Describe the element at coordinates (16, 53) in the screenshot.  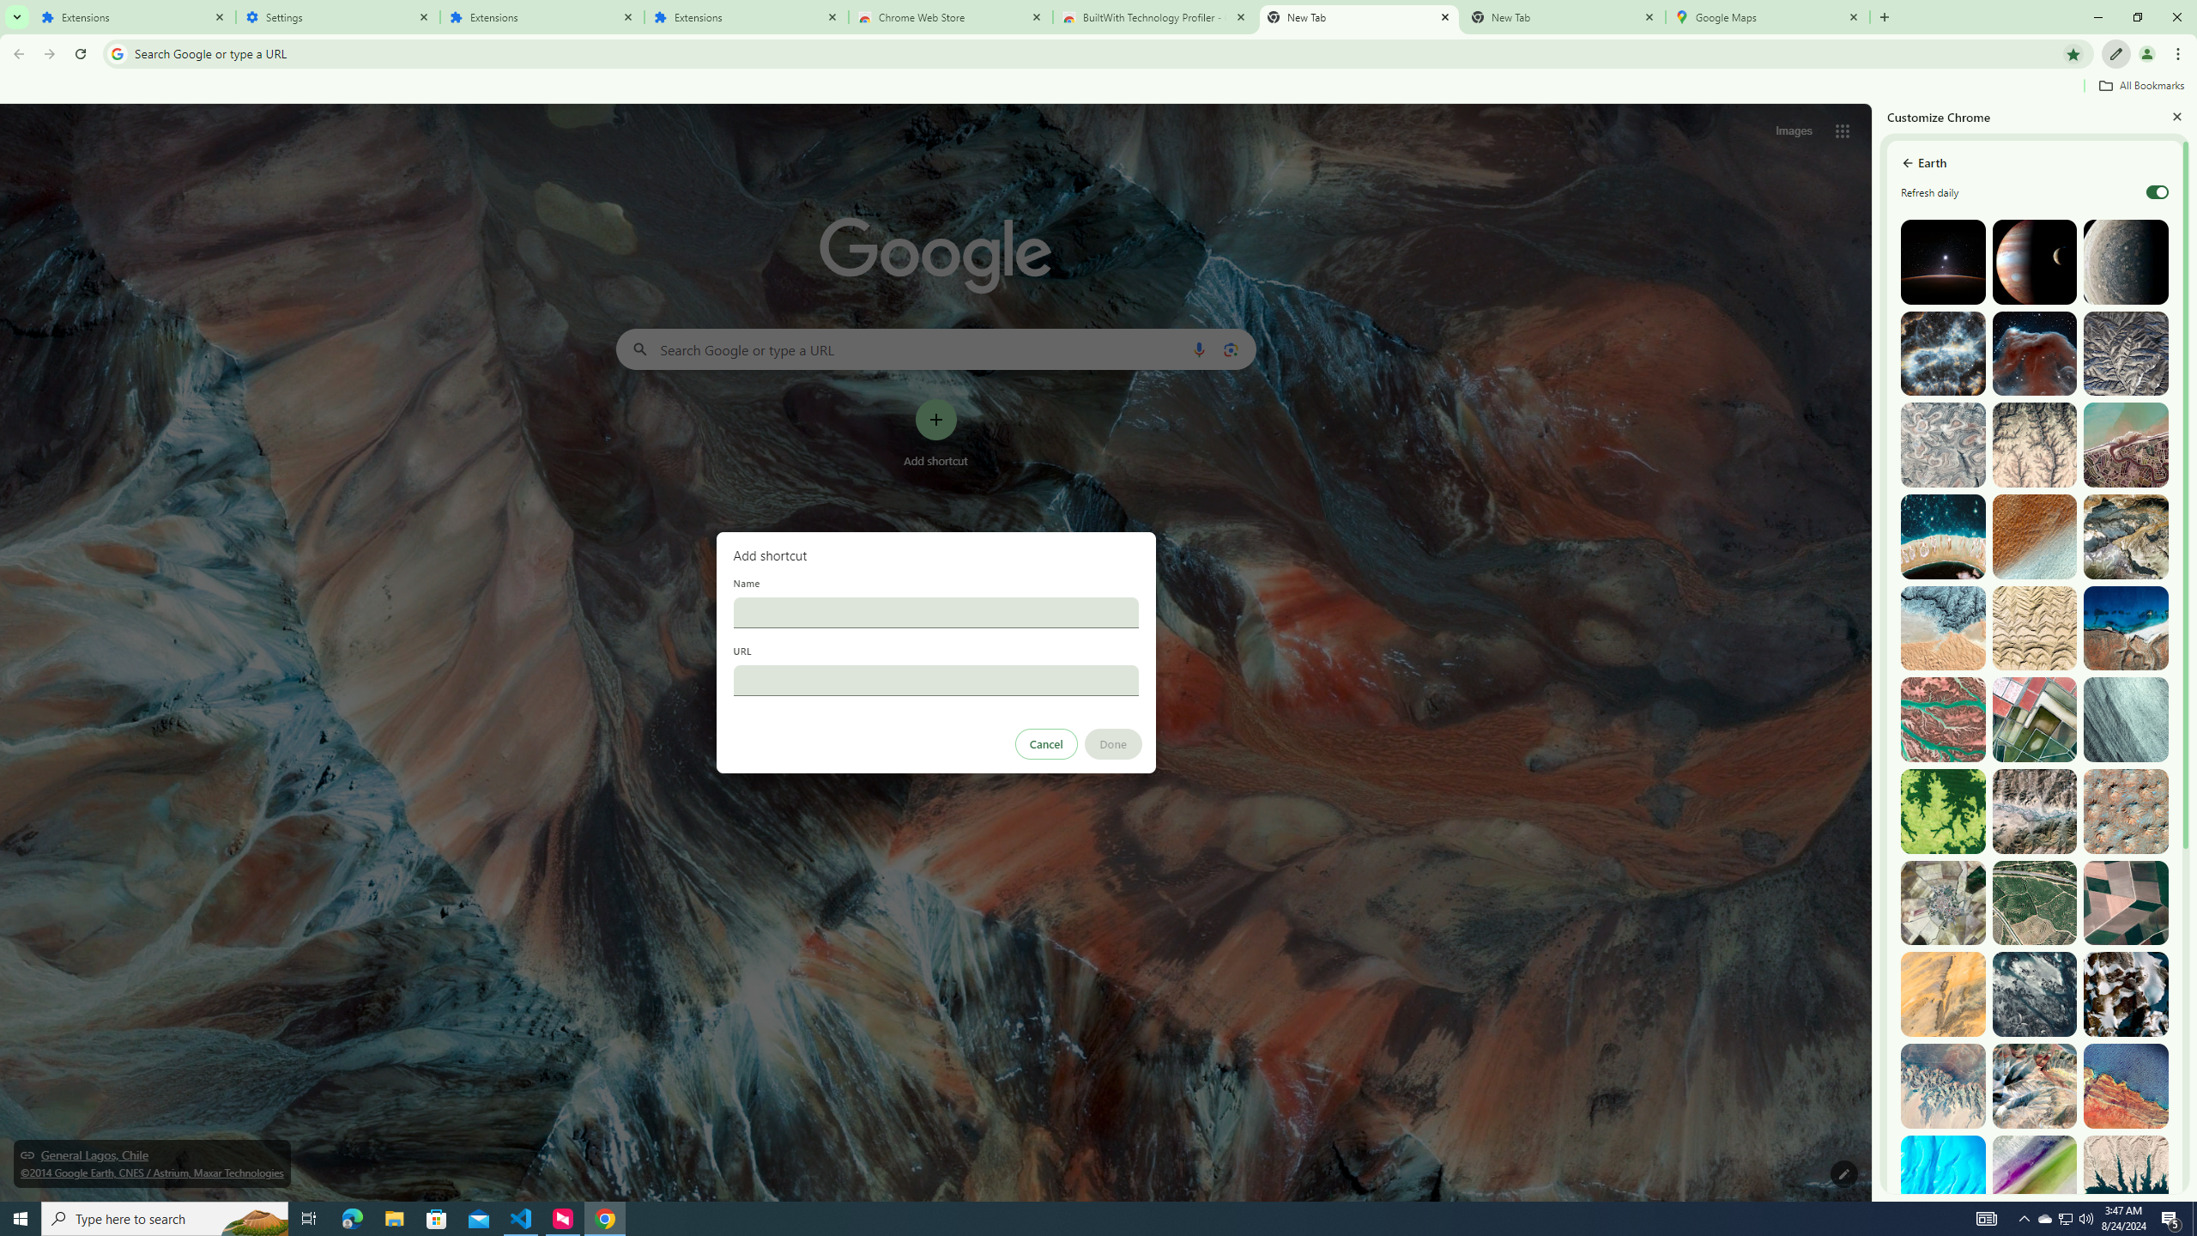
I see `'Back'` at that location.